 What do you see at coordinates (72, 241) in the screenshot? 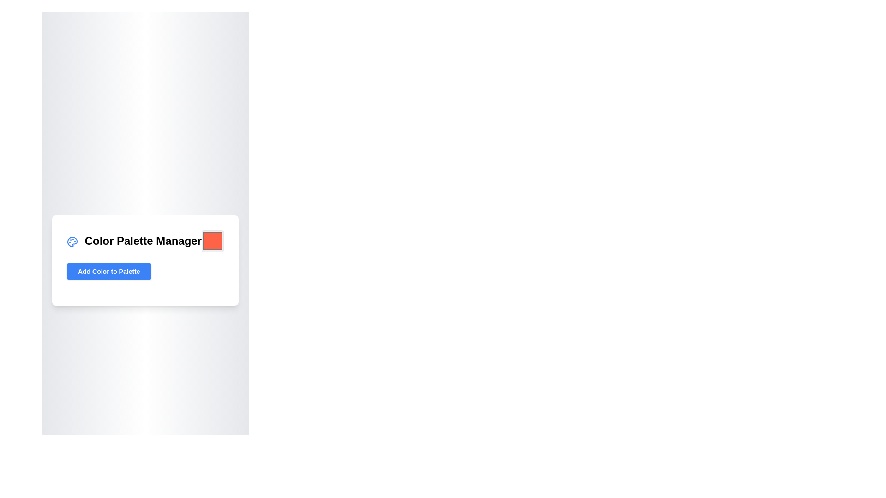
I see `the blue-colored palette icon, which is styled to simulate a drawing tool and located to the left of the 'Color Palette Manager' text` at bounding box center [72, 241].